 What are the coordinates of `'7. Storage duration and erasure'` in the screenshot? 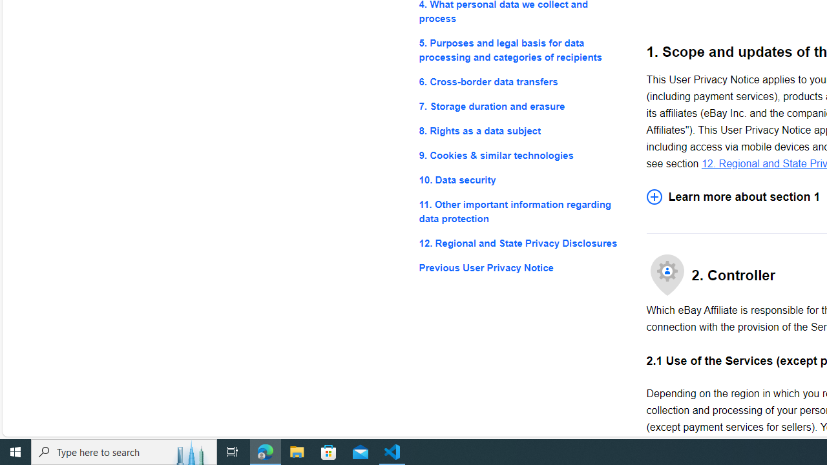 It's located at (522, 105).